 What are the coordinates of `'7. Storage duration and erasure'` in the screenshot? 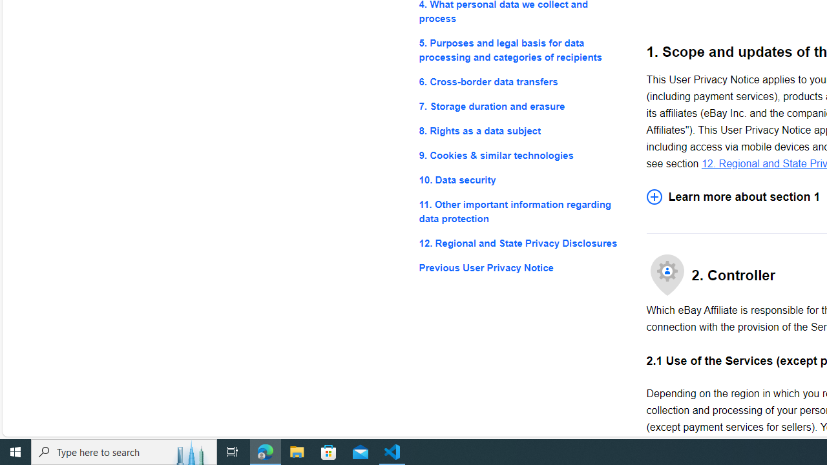 It's located at (522, 105).